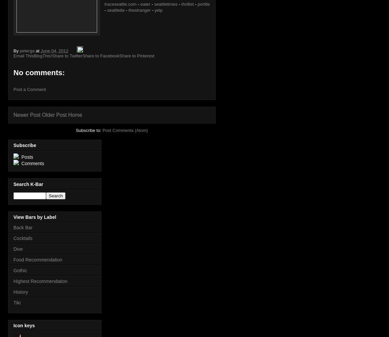 The image size is (389, 337). I want to click on 'Cocktails', so click(23, 238).